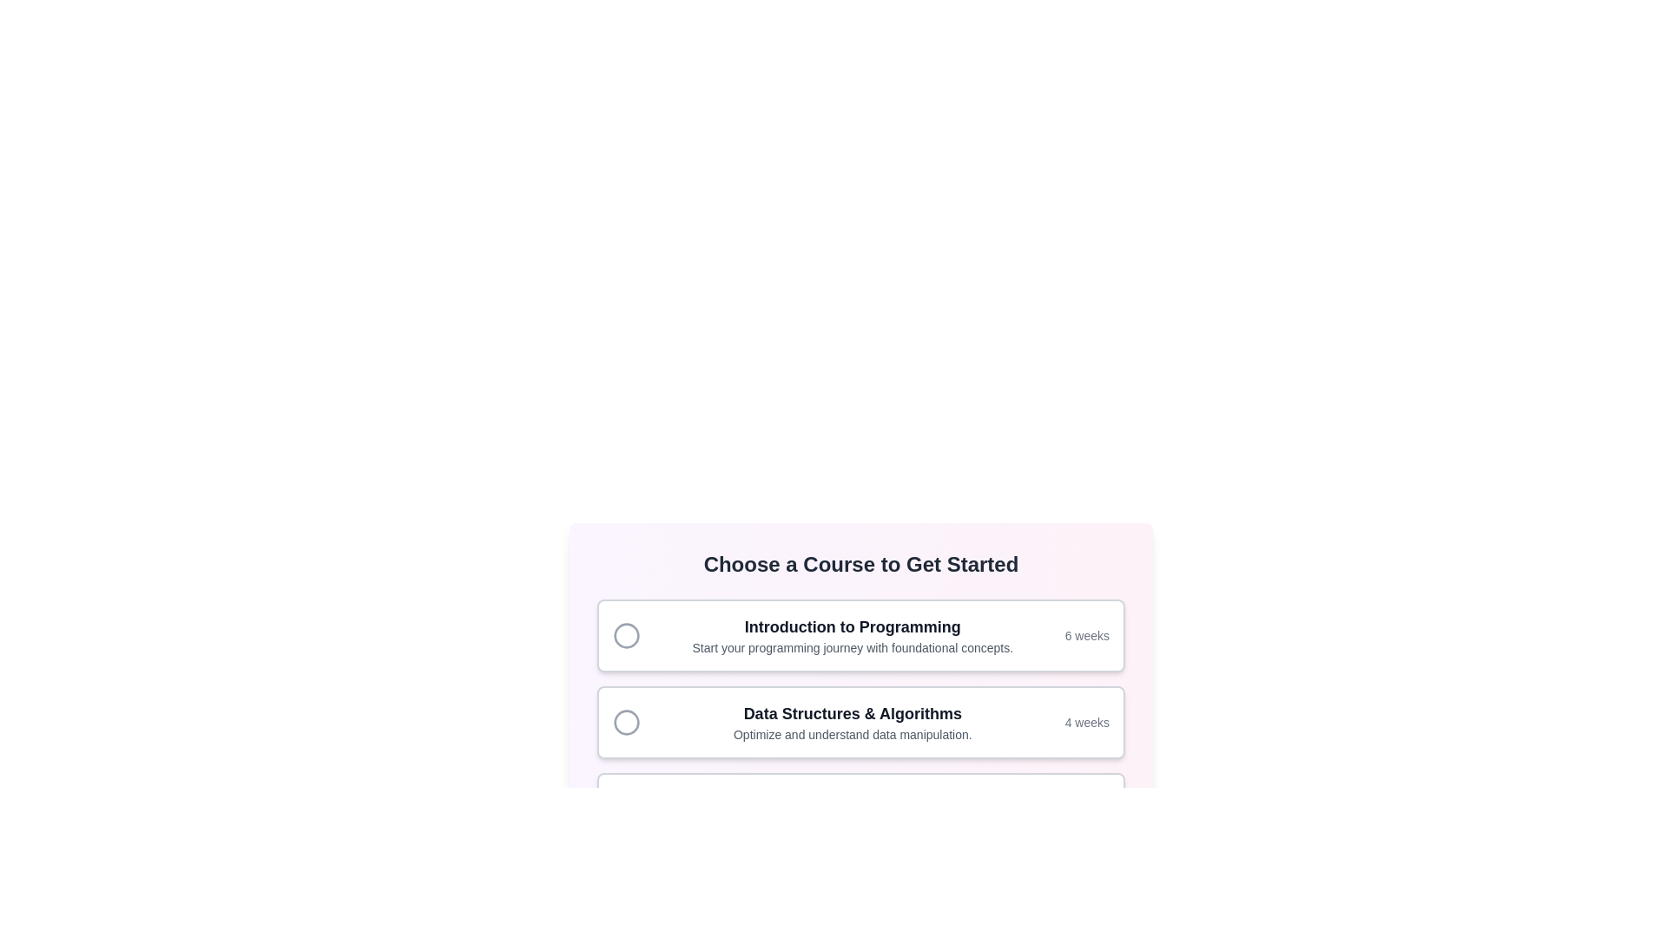 This screenshot has height=937, width=1667. What do you see at coordinates (1086, 635) in the screenshot?
I see `displayed text '6 weeks' from the Text Label within the 'Introduction to Programming' course card, which is positioned near the right edge and horizontally aligned with the course title and description` at bounding box center [1086, 635].